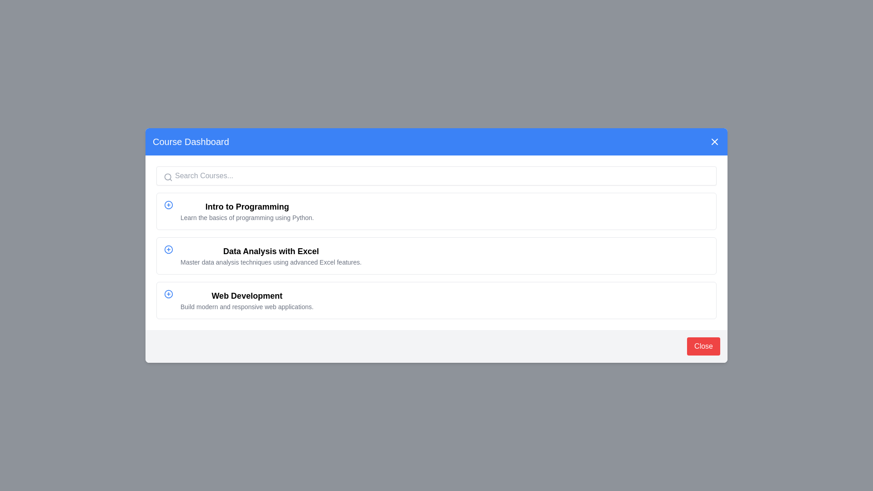  Describe the element at coordinates (703, 346) in the screenshot. I see `the 'Close' button located at the bottom-right corner of the modal dialog` at that location.